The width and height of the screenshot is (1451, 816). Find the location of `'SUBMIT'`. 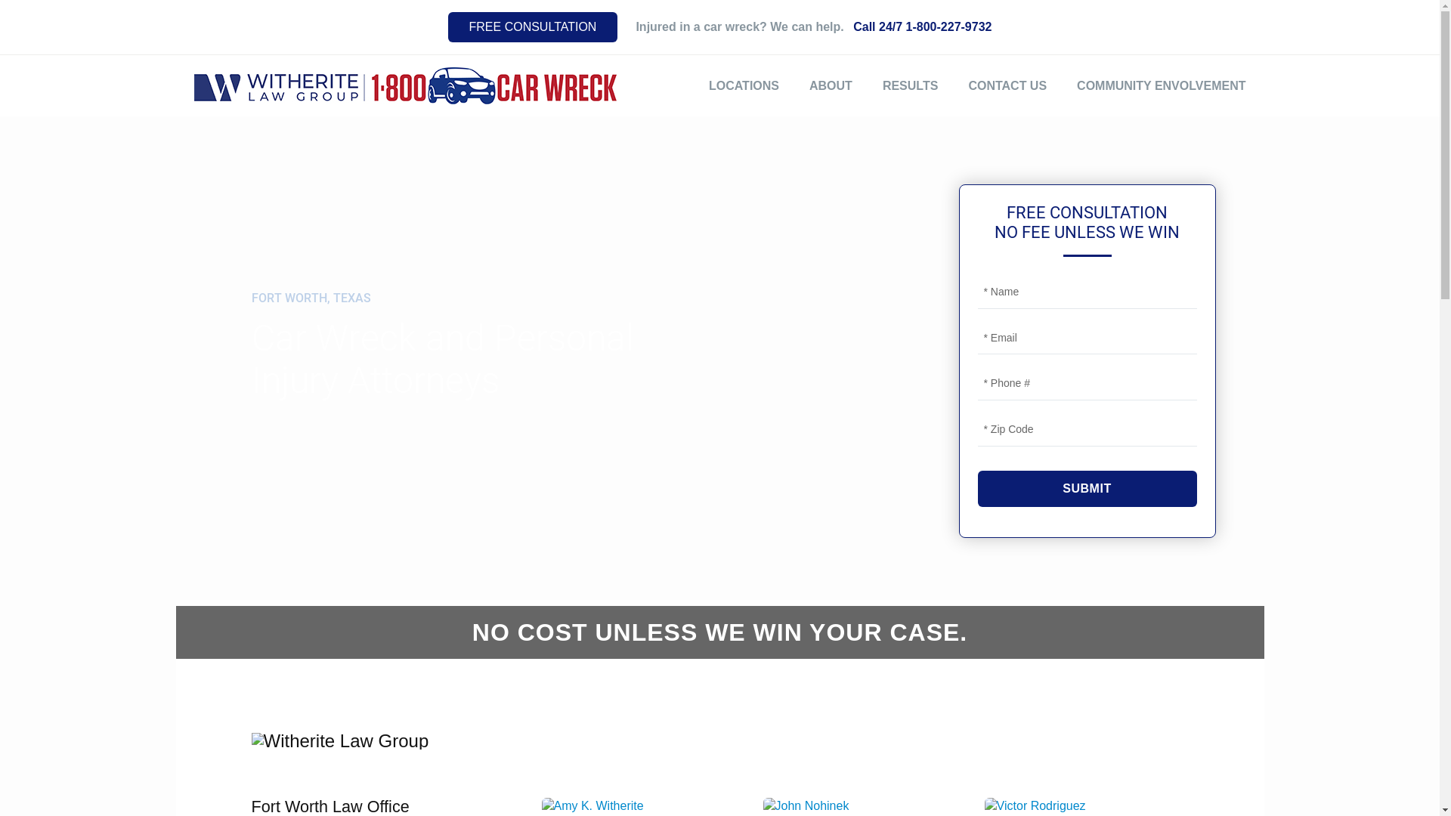

'SUBMIT' is located at coordinates (1087, 489).